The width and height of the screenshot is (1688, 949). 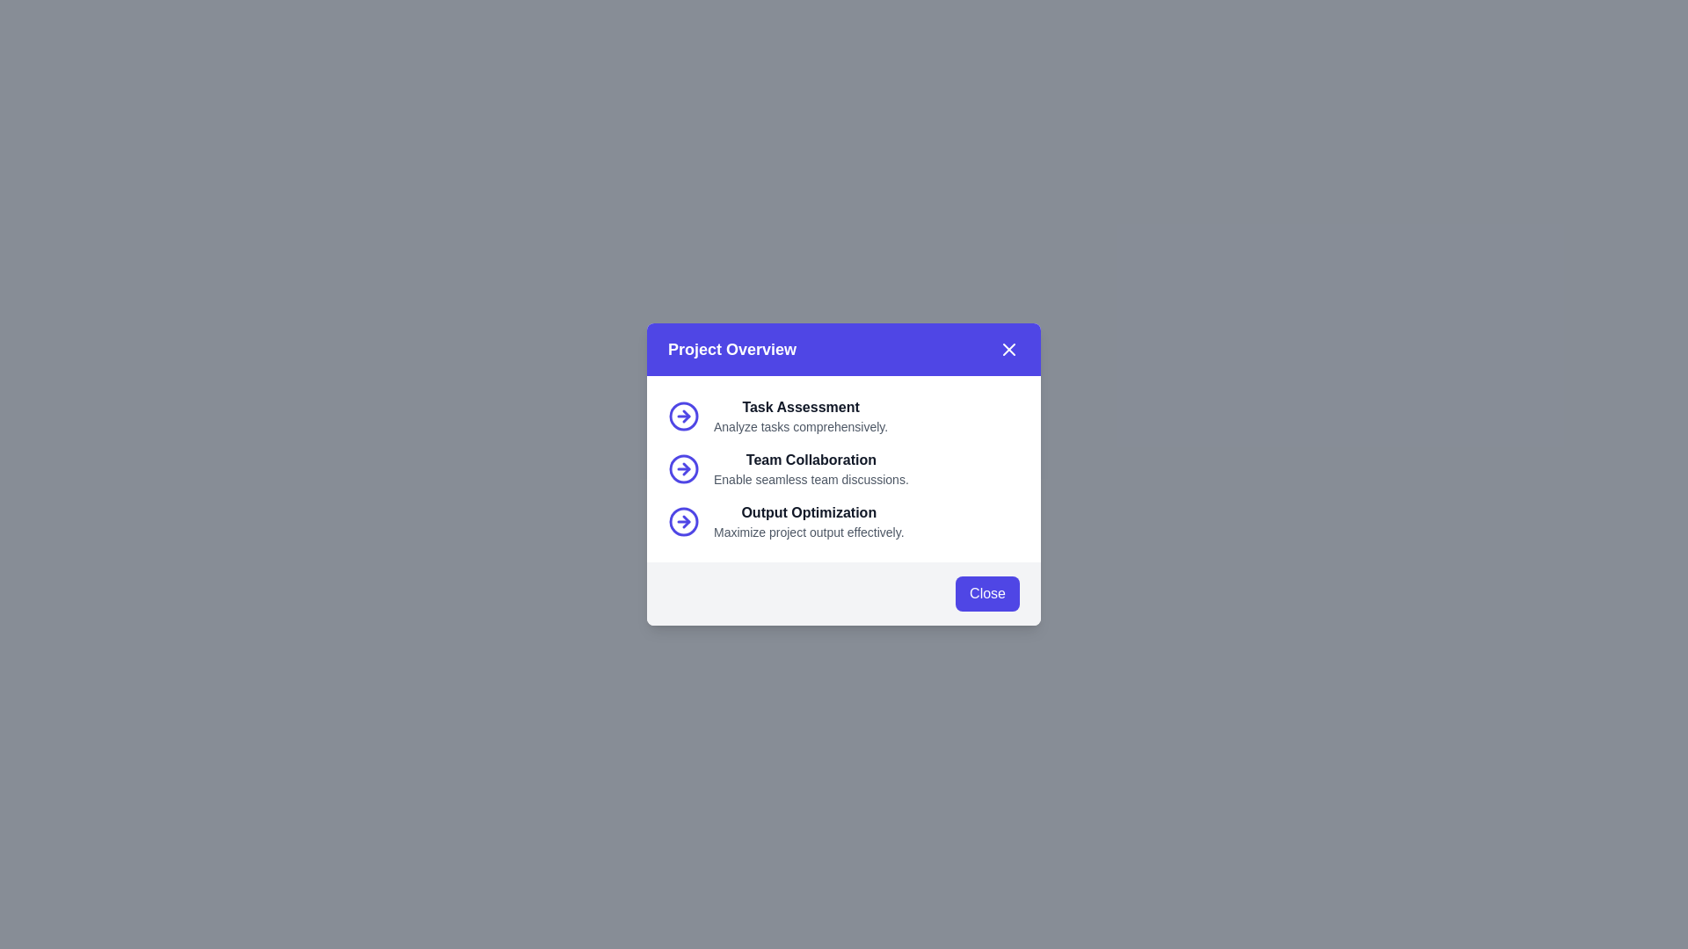 I want to click on the task description element located in the 'Project Overview' modal dialog, which includes a header and a paragraph providing context for a specific task, so click(x=800, y=417).